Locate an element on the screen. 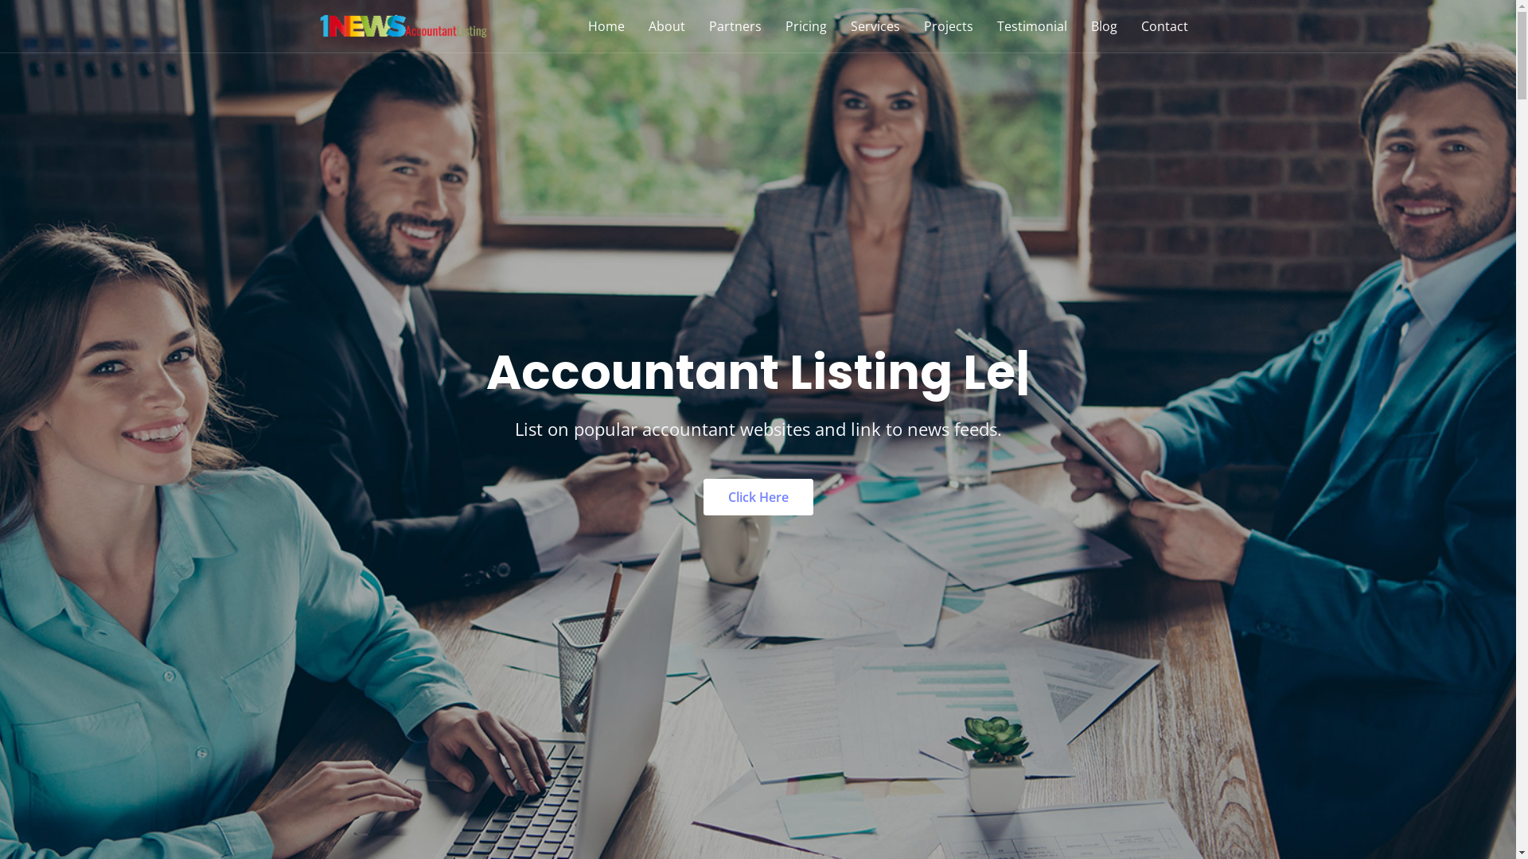 This screenshot has height=859, width=1528. 'Testimonial' is located at coordinates (1031, 26).